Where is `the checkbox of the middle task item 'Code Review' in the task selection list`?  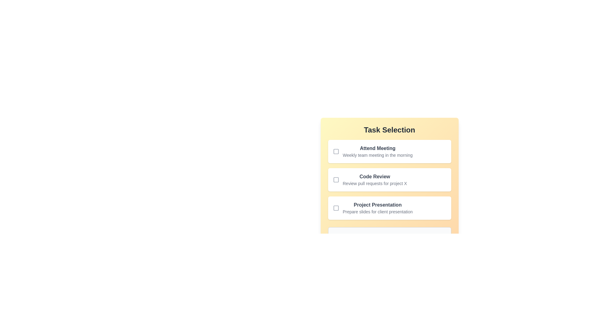 the checkbox of the middle task item 'Code Review' in the task selection list is located at coordinates (389, 184).